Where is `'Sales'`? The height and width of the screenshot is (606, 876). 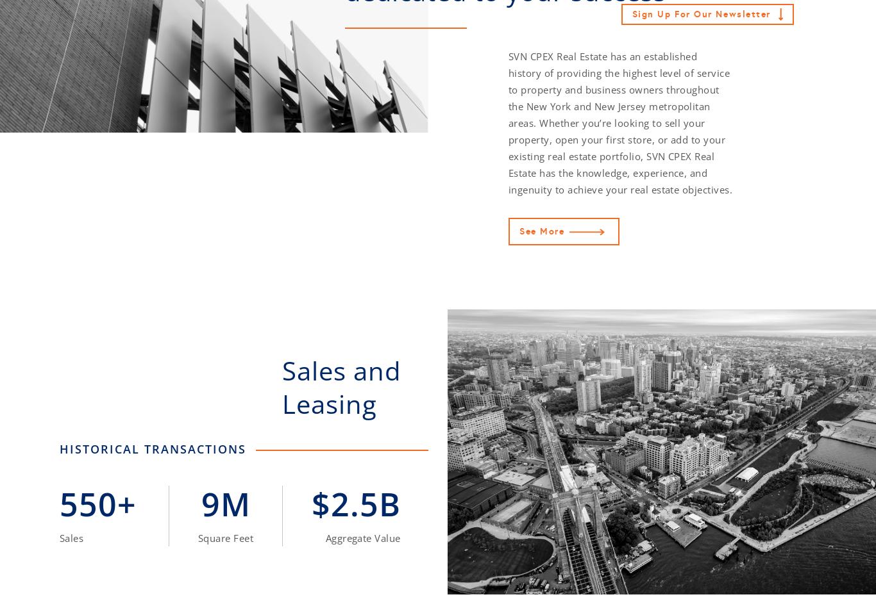 'Sales' is located at coordinates (71, 537).